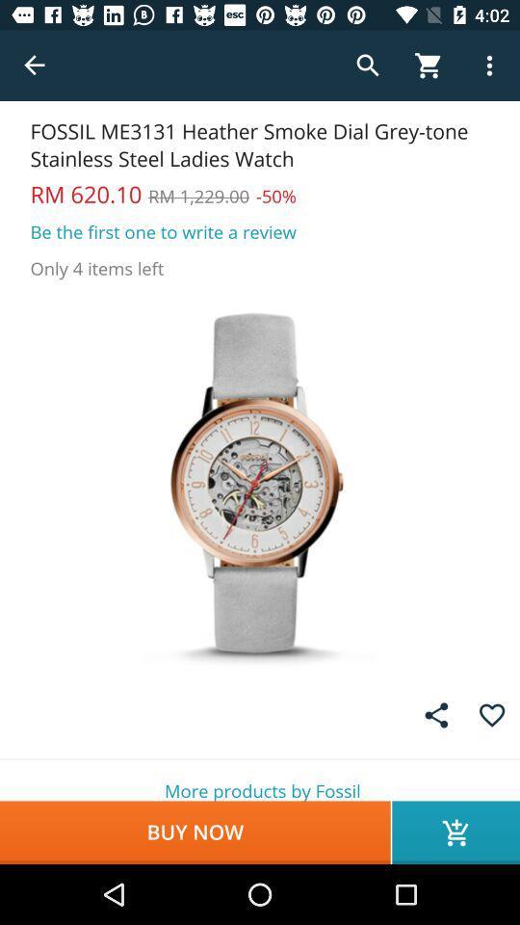  Describe the element at coordinates (260, 482) in the screenshot. I see `picture` at that location.